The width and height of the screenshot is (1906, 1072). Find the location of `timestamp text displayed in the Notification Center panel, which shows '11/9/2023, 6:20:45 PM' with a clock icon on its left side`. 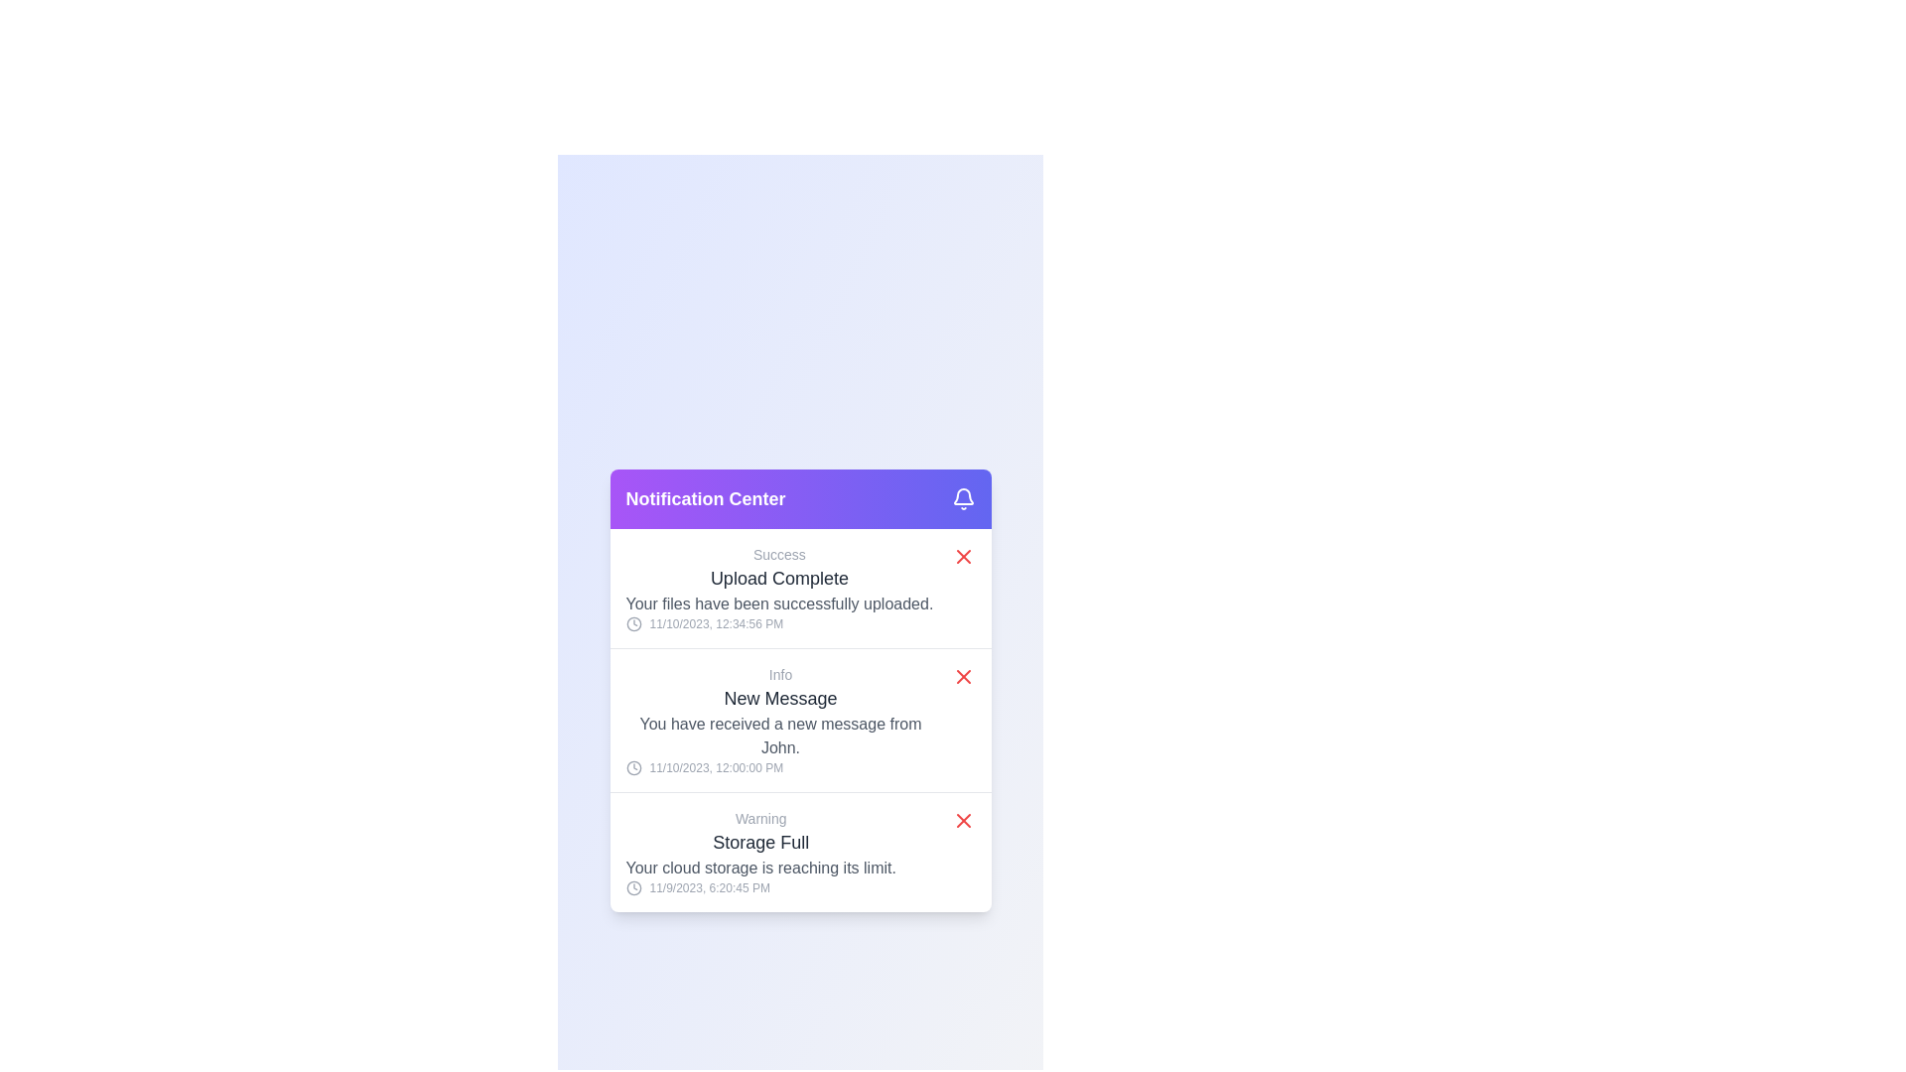

timestamp text displayed in the Notification Center panel, which shows '11/9/2023, 6:20:45 PM' with a clock icon on its left side is located at coordinates (759, 886).